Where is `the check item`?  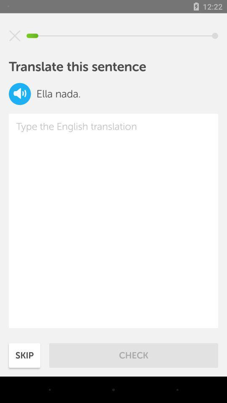 the check item is located at coordinates (134, 355).